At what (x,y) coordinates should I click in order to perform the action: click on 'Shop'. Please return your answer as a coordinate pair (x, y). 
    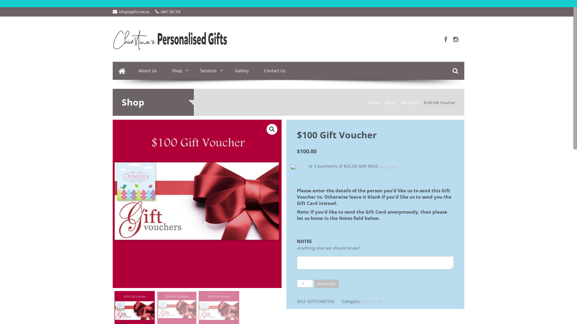
    Looking at the image, I should click on (178, 70).